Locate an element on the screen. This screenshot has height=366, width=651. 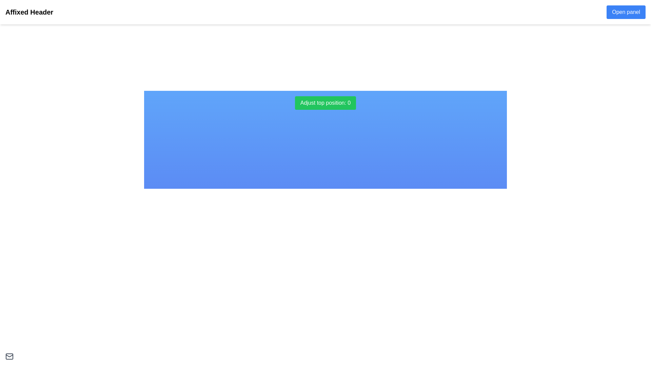
the bold text label 'Affixed Header' located in the fixed header bar at the top of the interface is located at coordinates (29, 12).